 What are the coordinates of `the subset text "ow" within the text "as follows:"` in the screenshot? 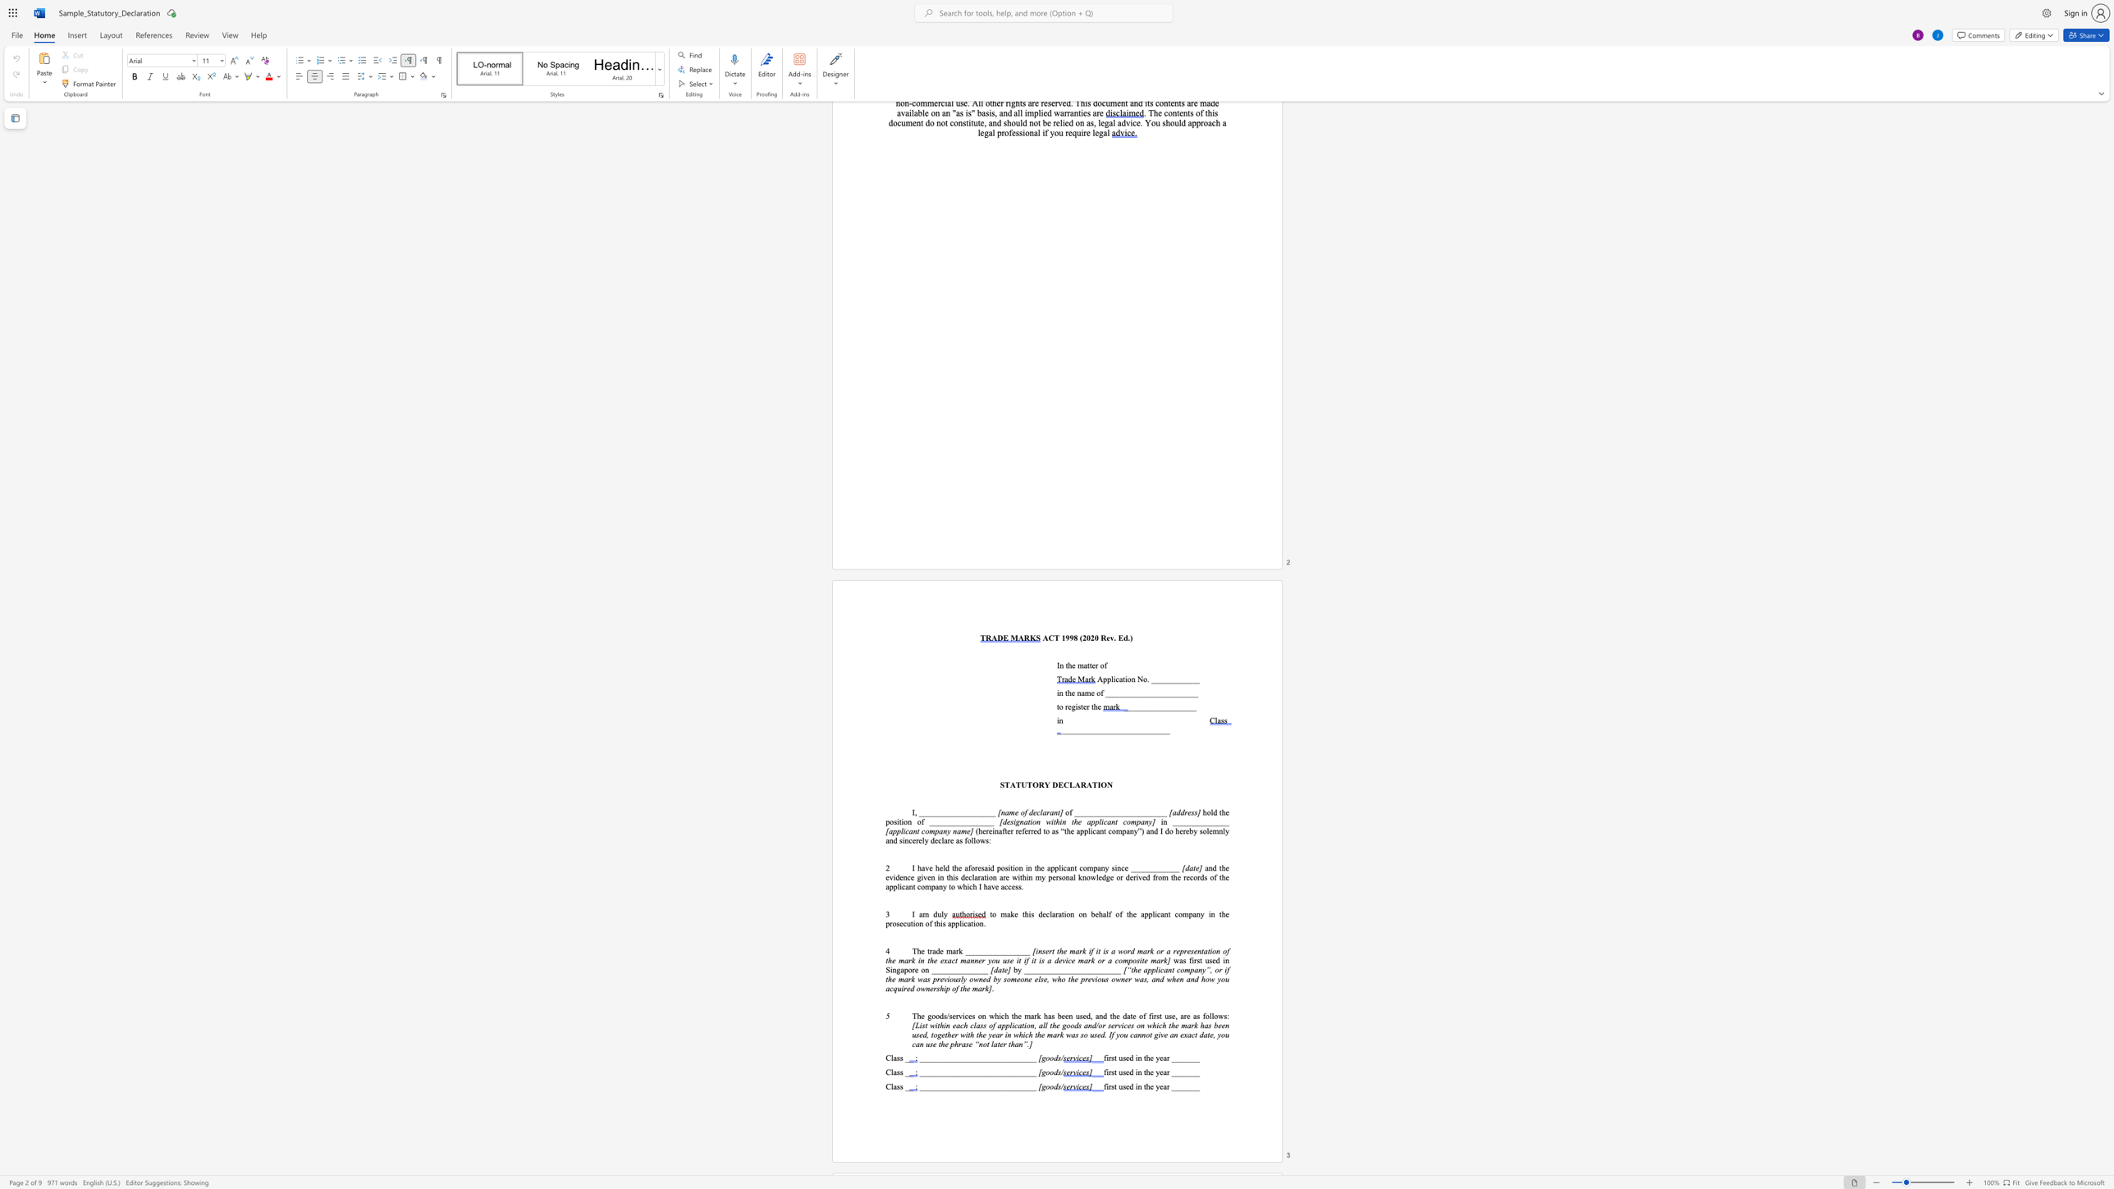 It's located at (975, 839).